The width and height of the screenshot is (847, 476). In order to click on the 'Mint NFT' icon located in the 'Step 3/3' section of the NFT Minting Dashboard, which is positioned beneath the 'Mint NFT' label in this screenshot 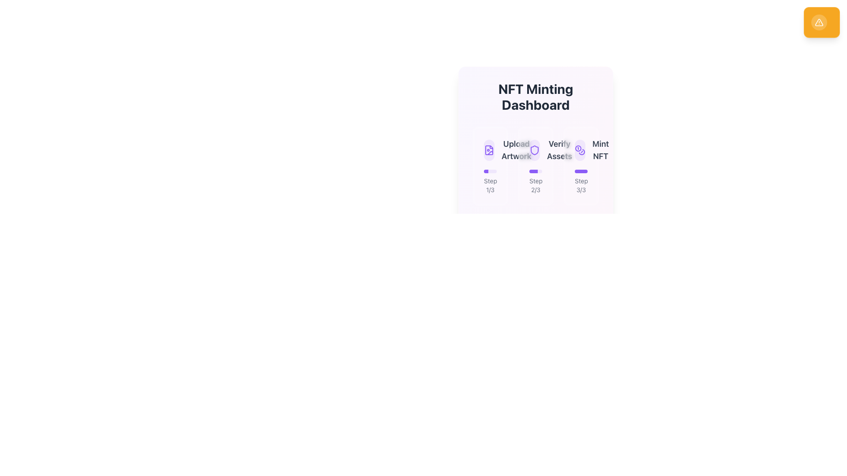, I will do `click(580, 149)`.